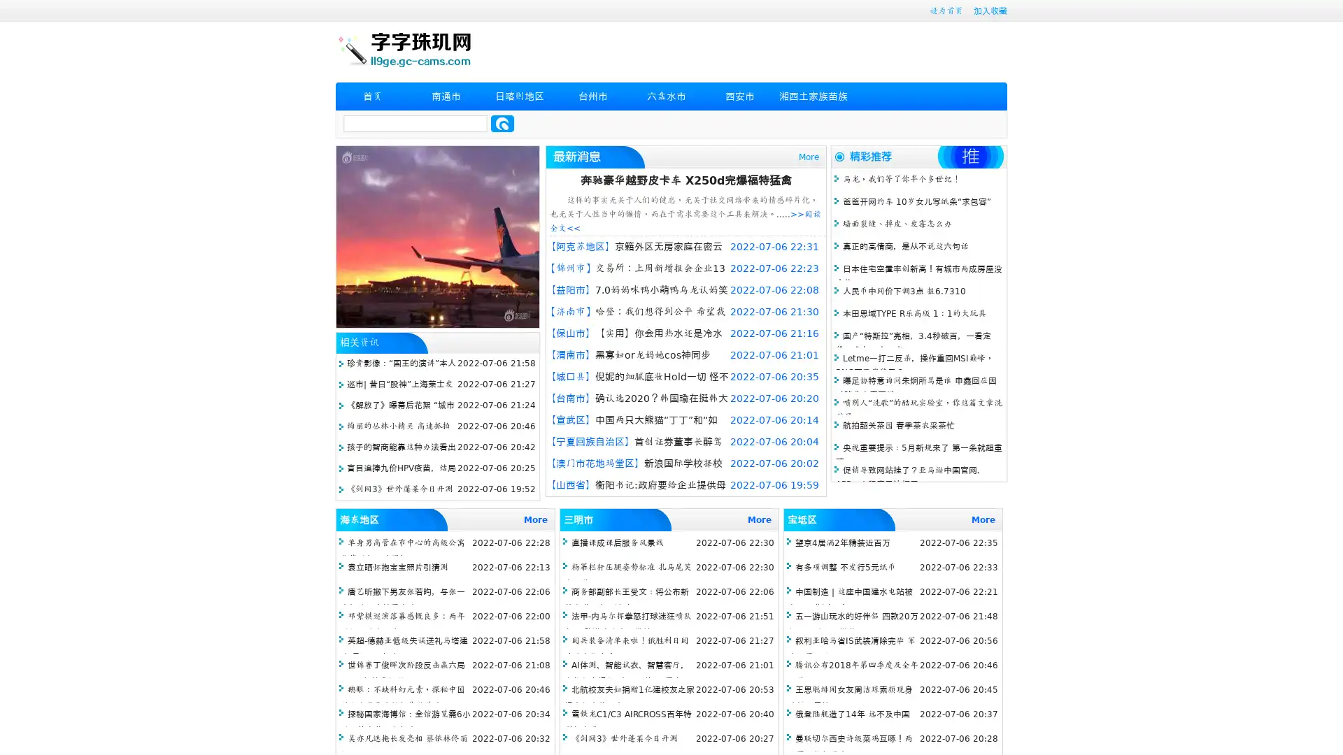  I want to click on Search, so click(502, 123).